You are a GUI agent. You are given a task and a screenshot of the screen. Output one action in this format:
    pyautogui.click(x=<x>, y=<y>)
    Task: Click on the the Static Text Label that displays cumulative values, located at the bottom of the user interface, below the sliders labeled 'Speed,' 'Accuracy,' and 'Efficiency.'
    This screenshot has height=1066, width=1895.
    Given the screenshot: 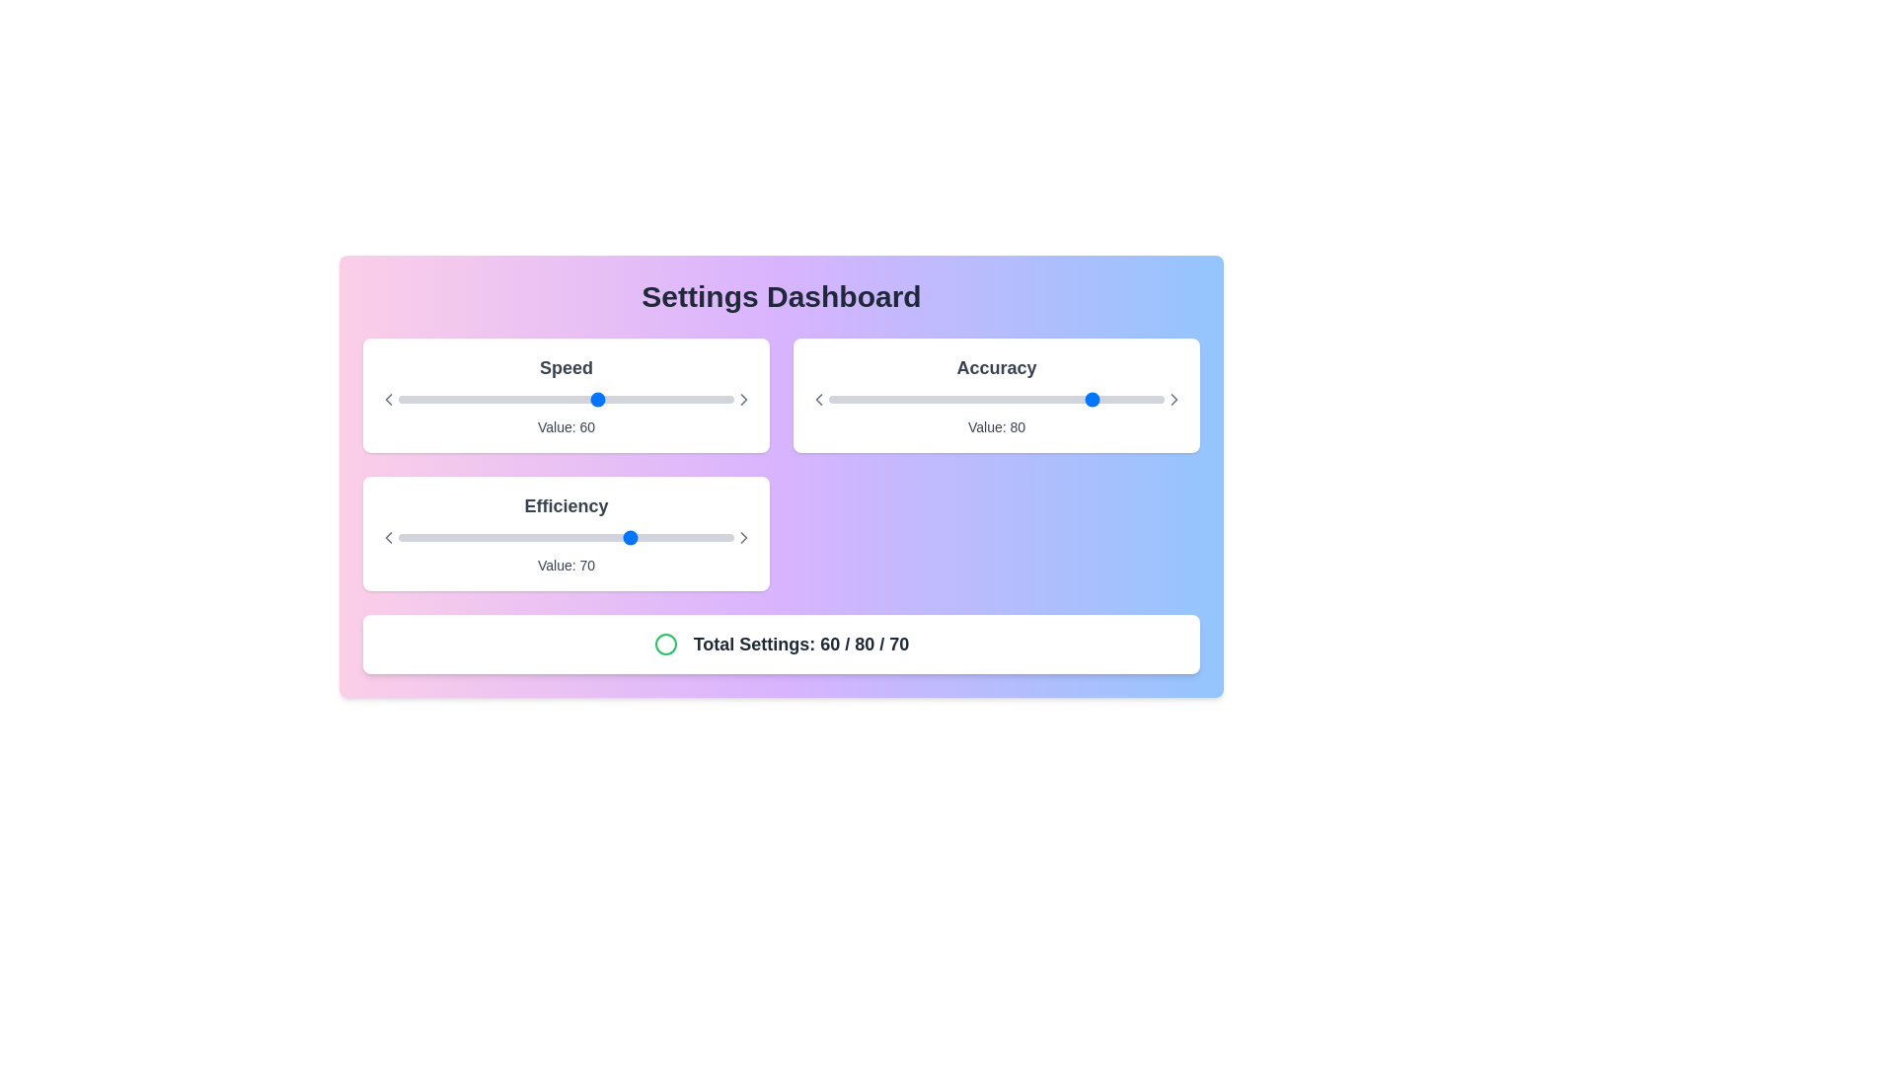 What is the action you would take?
    pyautogui.click(x=800, y=644)
    